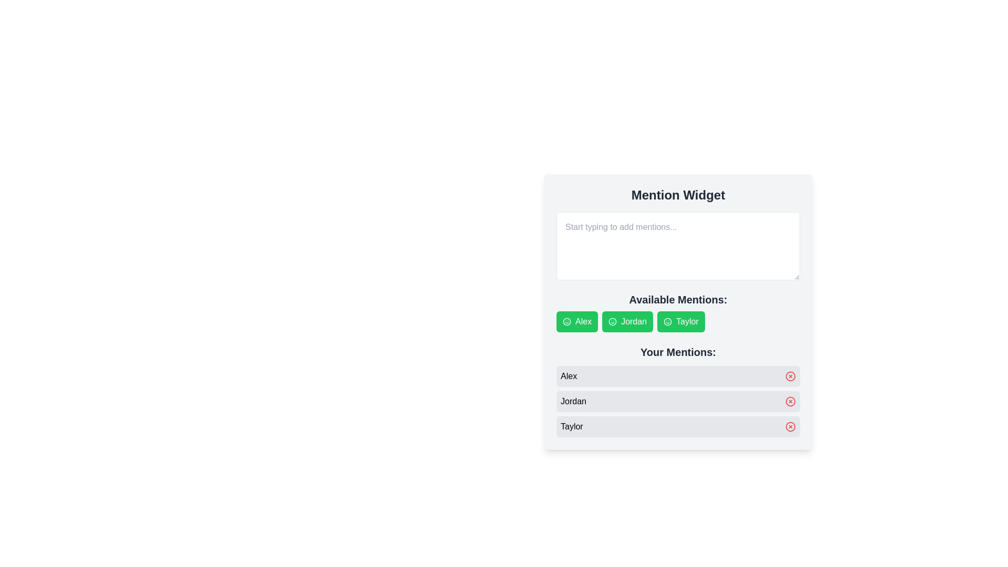 The height and width of the screenshot is (567, 1008). I want to click on the icon button that removes the mention 'Alex' from the 'Your Mentions' list, so click(791, 376).